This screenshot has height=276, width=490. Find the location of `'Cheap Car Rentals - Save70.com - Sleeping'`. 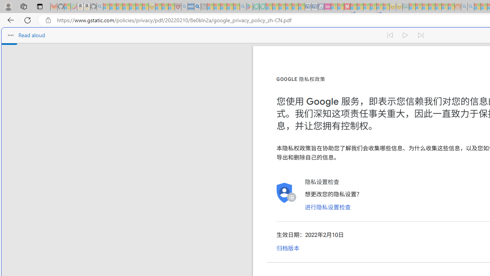

'Cheap Car Rentals - Save70.com - Sleeping' is located at coordinates (308, 7).